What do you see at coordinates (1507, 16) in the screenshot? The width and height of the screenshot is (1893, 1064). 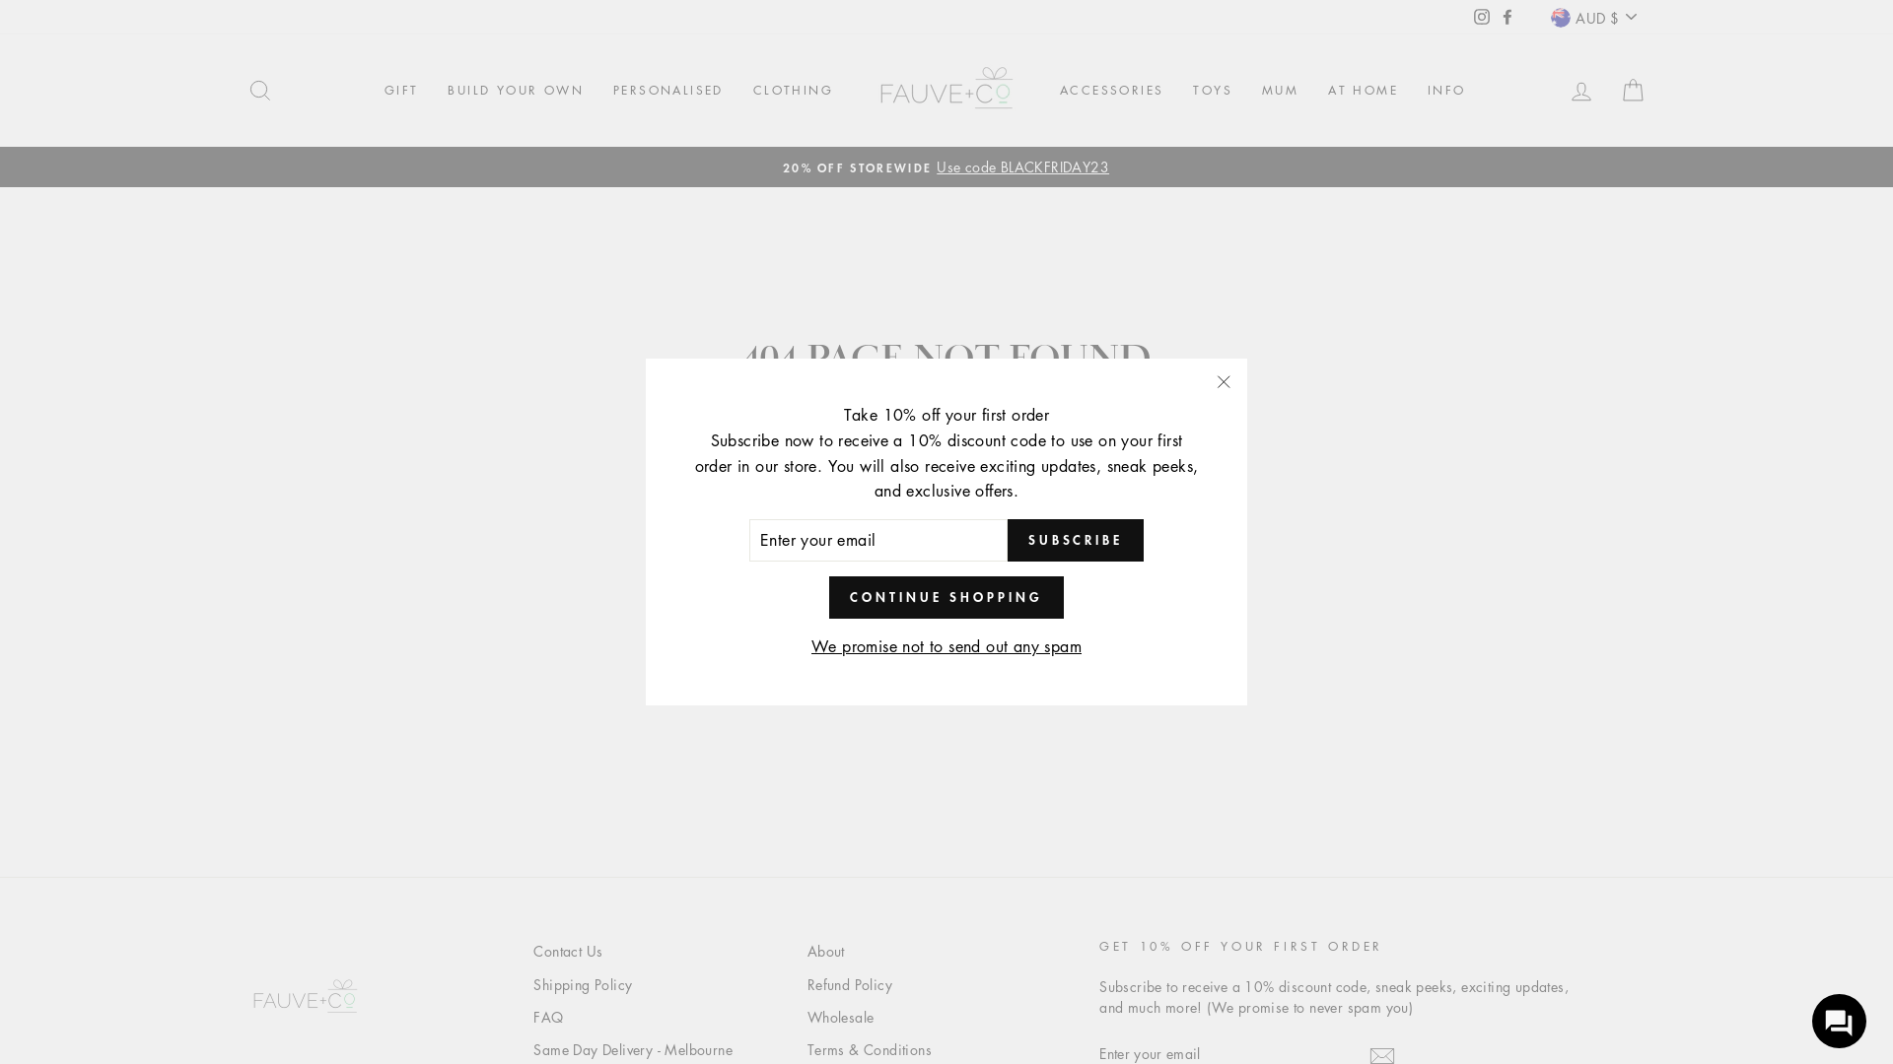 I see `'Facebook'` at bounding box center [1507, 16].